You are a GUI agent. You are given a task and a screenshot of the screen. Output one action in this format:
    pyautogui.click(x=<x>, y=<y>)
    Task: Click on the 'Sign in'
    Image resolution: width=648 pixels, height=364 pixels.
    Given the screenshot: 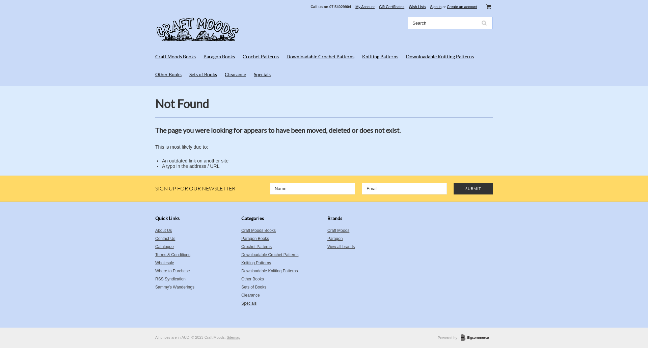 What is the action you would take?
    pyautogui.click(x=436, y=6)
    